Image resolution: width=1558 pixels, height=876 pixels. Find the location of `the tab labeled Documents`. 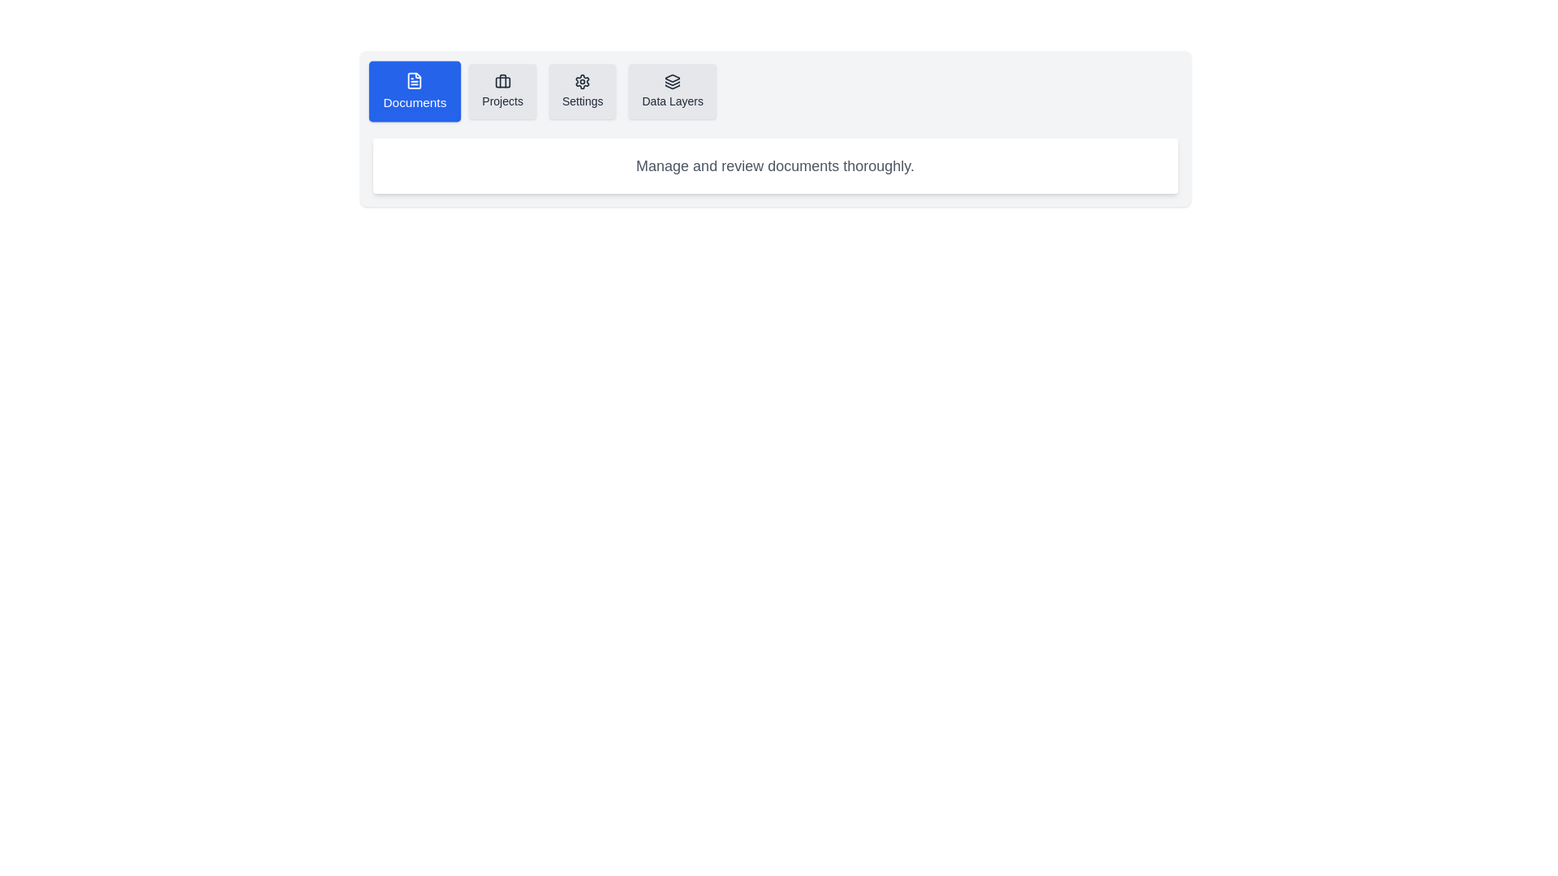

the tab labeled Documents is located at coordinates (414, 91).